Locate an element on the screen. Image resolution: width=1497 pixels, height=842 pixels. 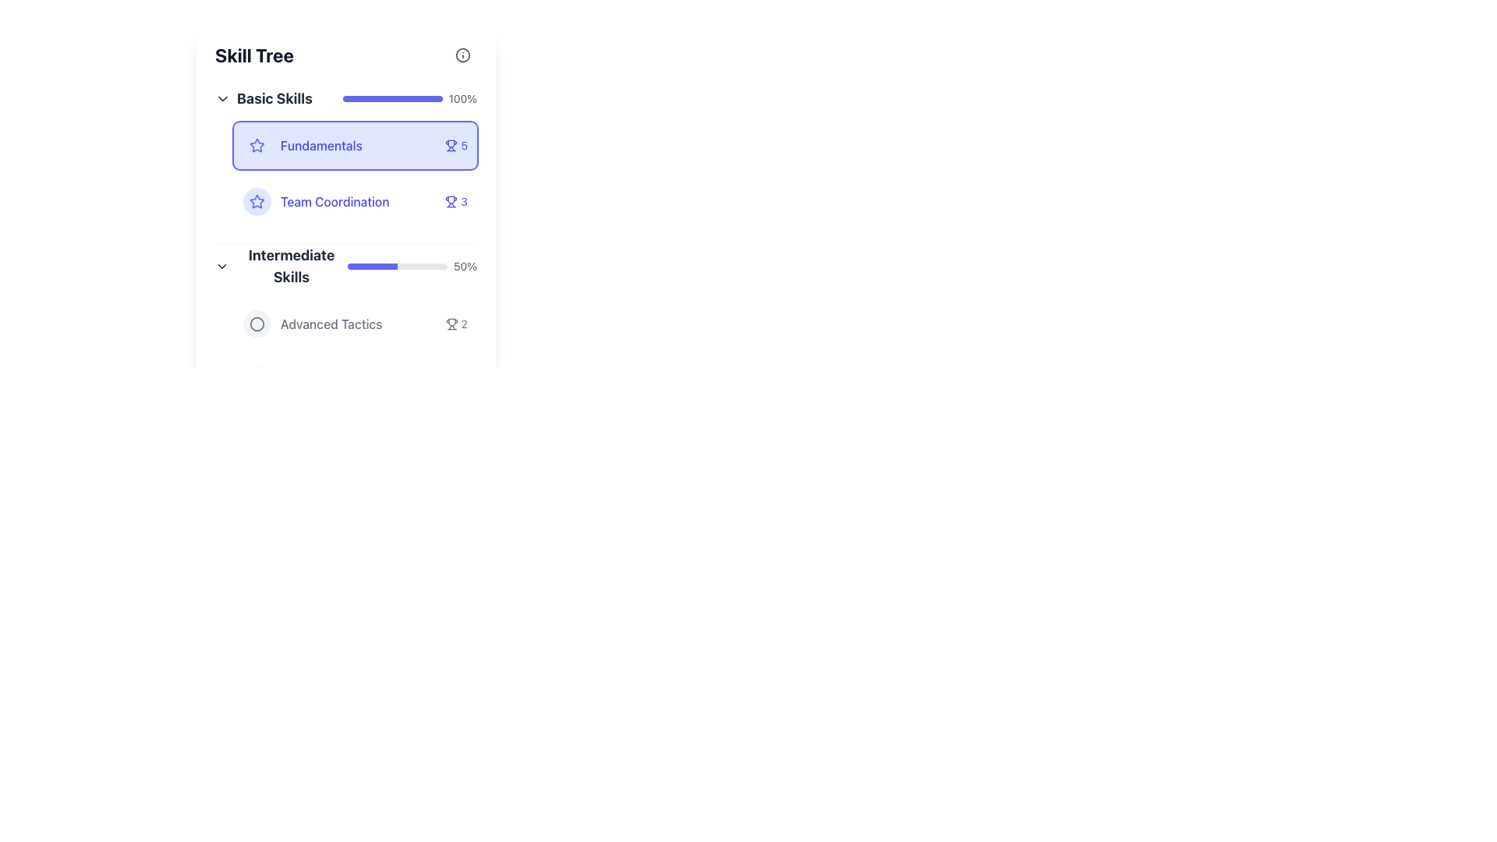
the 'Basic Skills' collapsible section header is located at coordinates (264, 99).